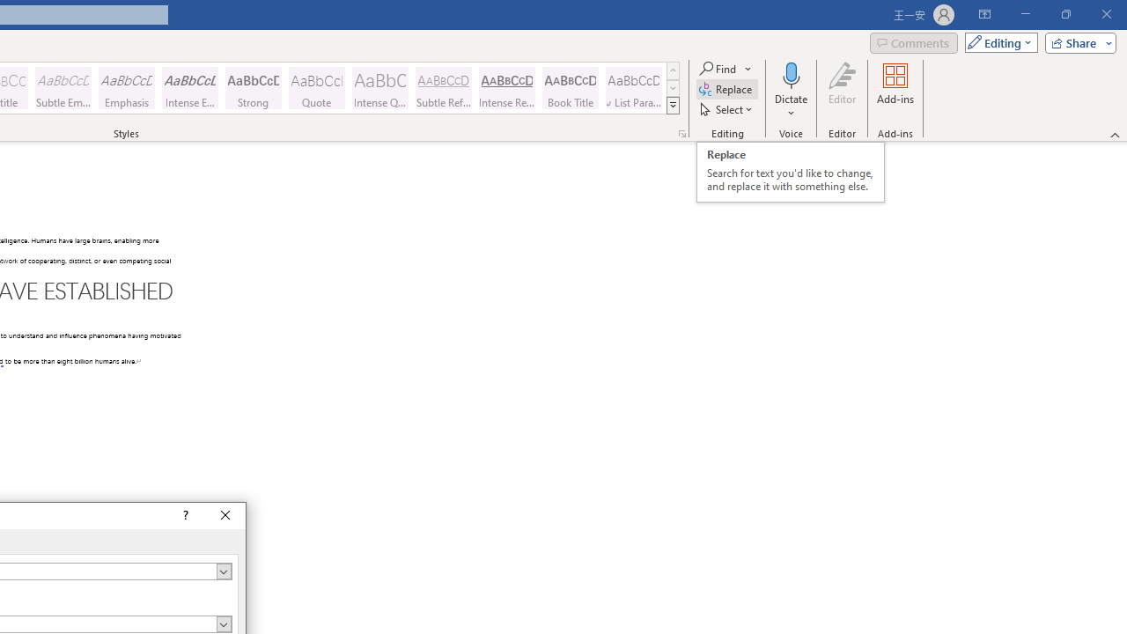  Describe the element at coordinates (727, 89) in the screenshot. I see `'Replace...'` at that location.